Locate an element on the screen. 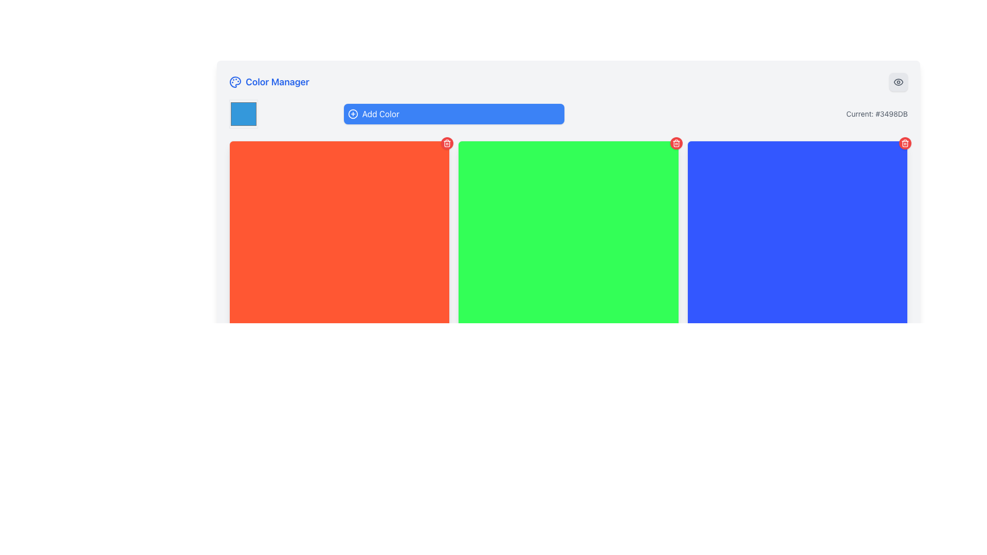 The height and width of the screenshot is (555, 987). the visibility toggle button with a light gray background and eye icon located at the top right corner of the interface is located at coordinates (898, 81).